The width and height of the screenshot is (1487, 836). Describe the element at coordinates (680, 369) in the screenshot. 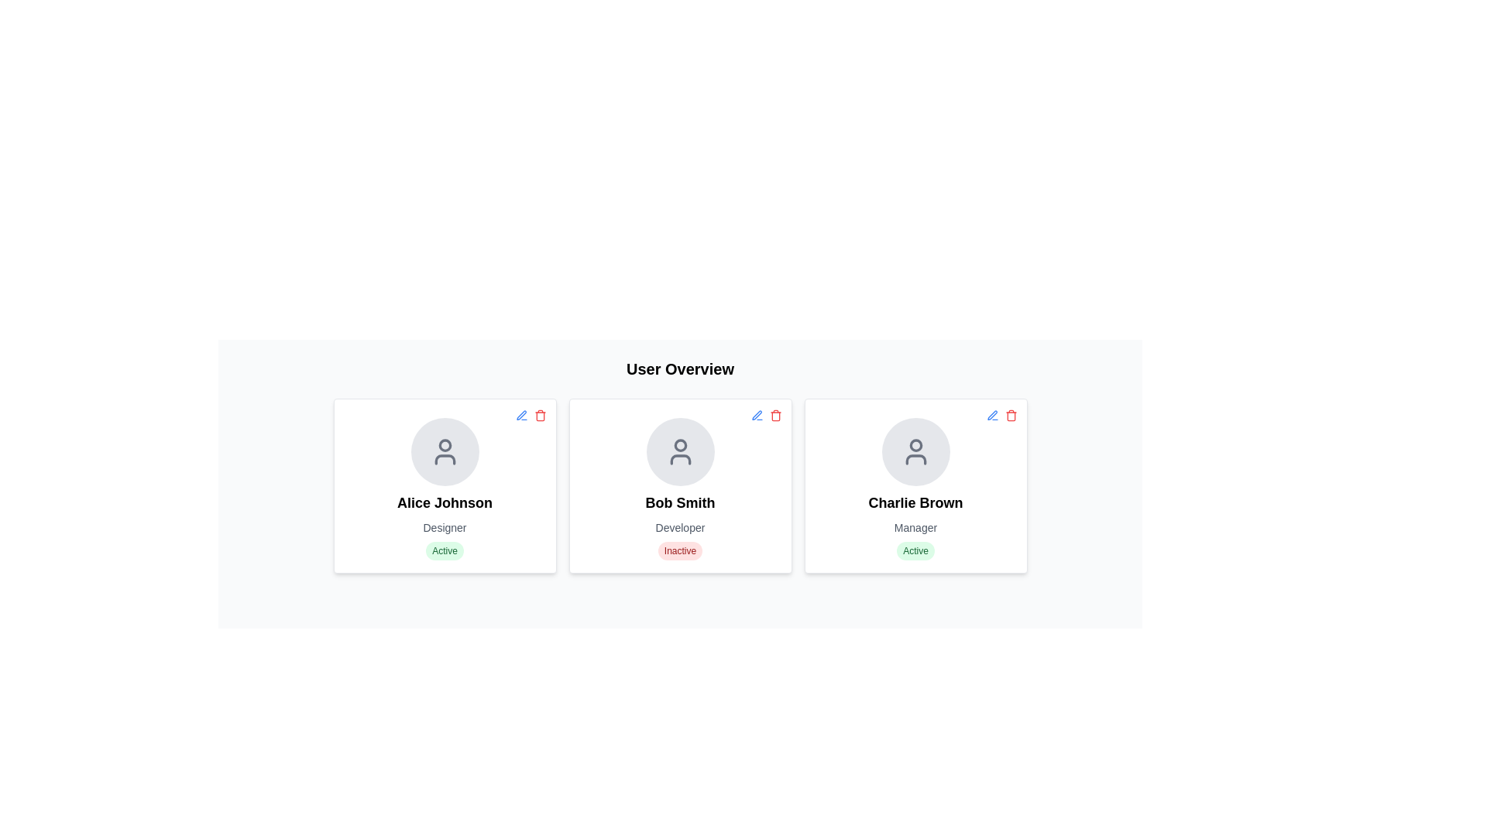

I see `the text heading 'User Overview'` at that location.